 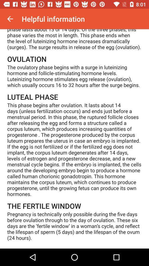 I want to click on the item above the menstrual cycle, so click(x=10, y=19).